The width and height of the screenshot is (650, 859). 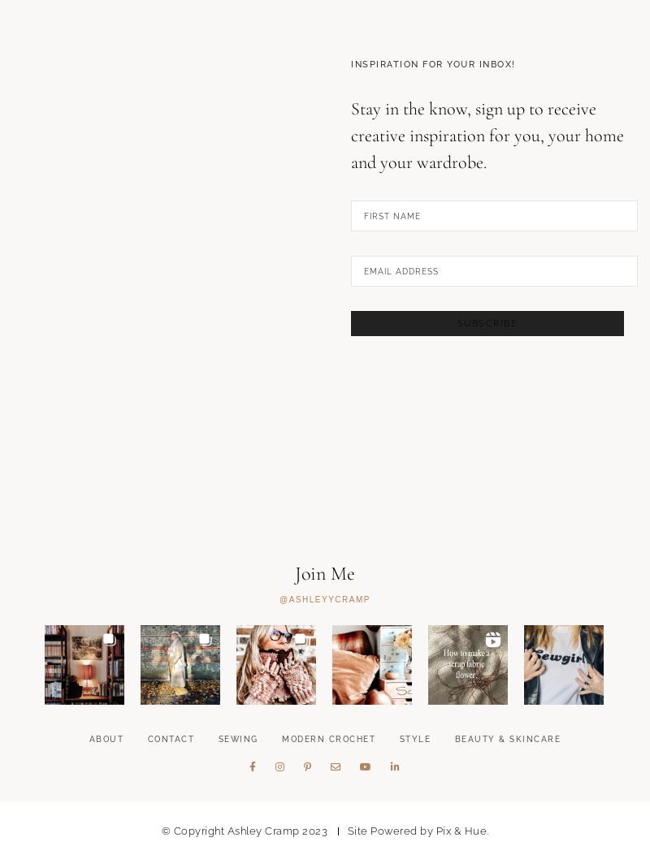 I want to click on 'Inspiration for your Inbox!', so click(x=432, y=147).